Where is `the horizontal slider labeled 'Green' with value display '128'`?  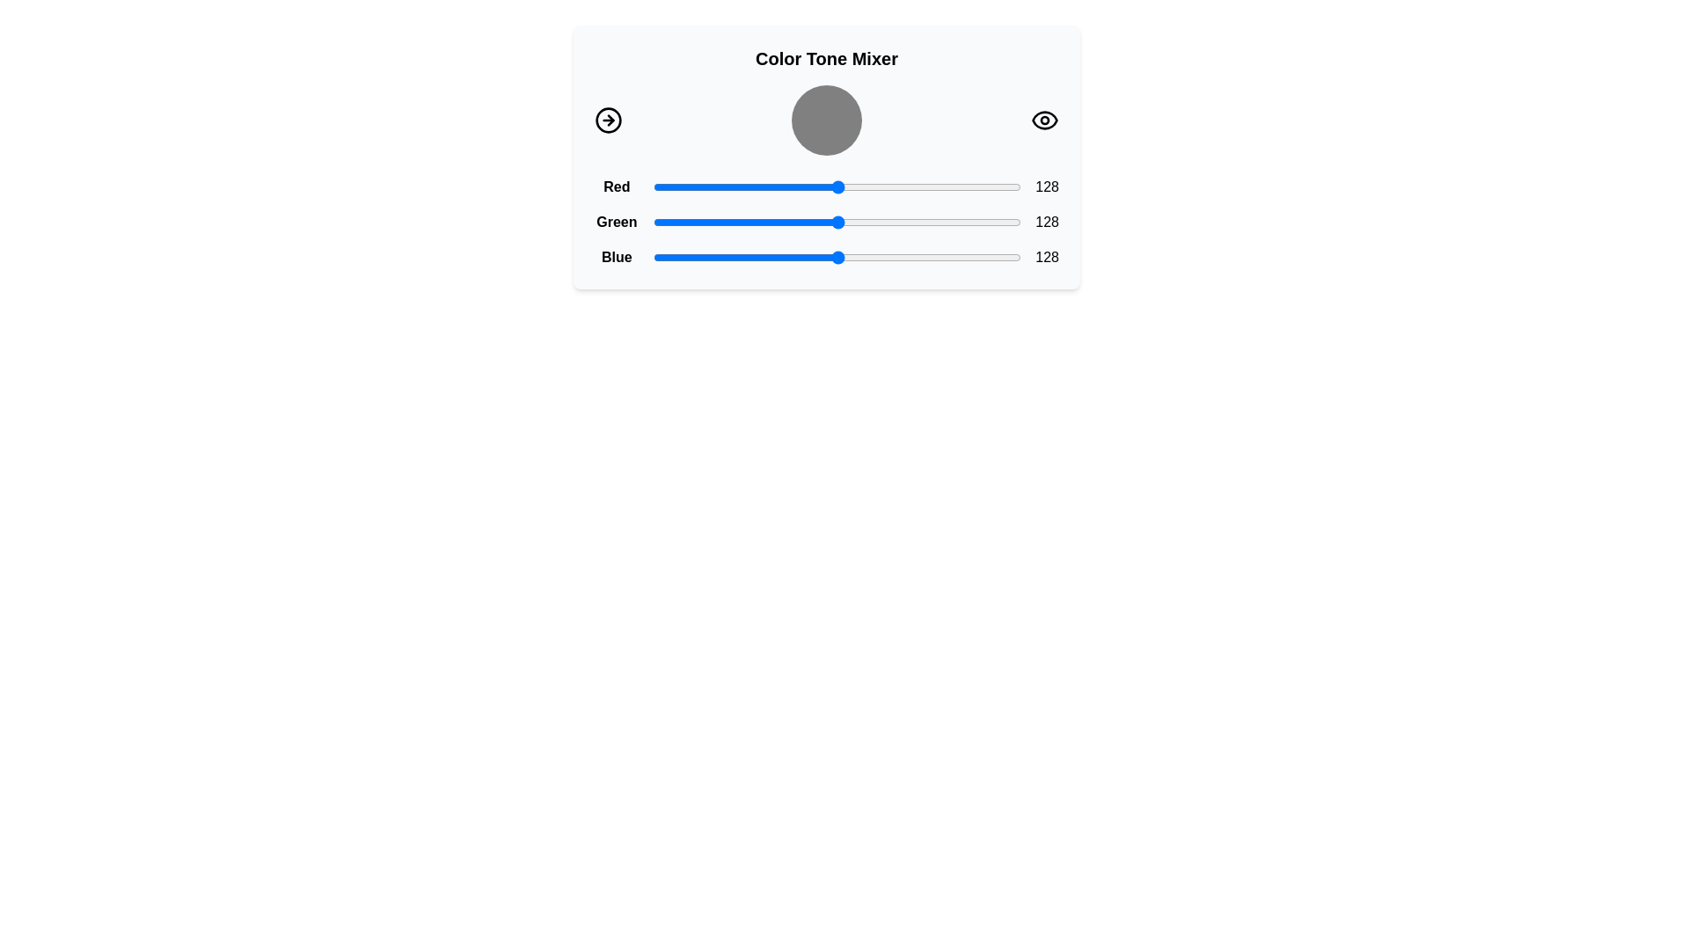
the horizontal slider labeled 'Green' with value display '128' is located at coordinates (826, 222).